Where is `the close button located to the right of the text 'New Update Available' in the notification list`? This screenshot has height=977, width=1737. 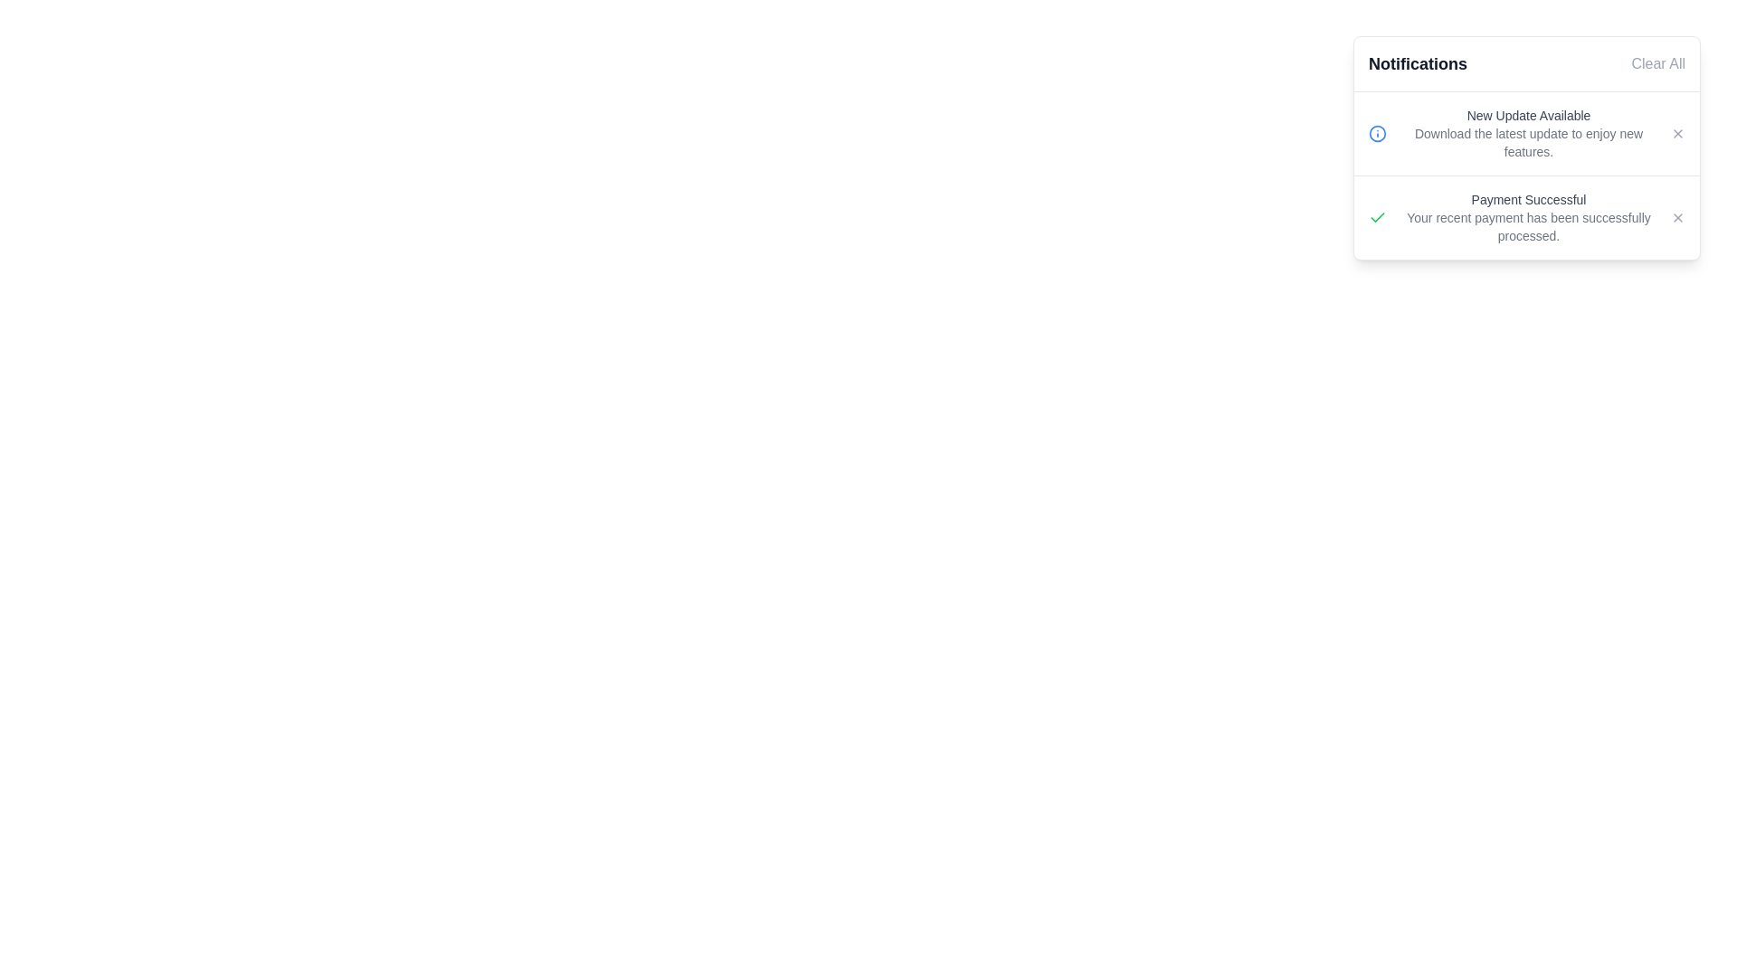
the close button located to the right of the text 'New Update Available' in the notification list is located at coordinates (1676, 132).